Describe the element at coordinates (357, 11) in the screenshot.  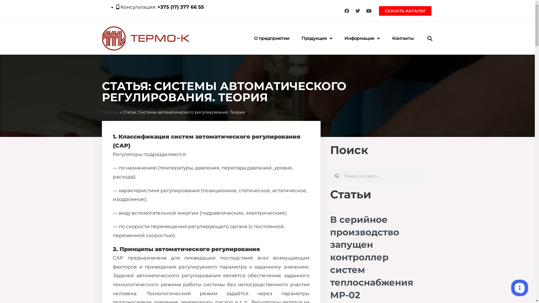
I see `'Twitter'` at that location.